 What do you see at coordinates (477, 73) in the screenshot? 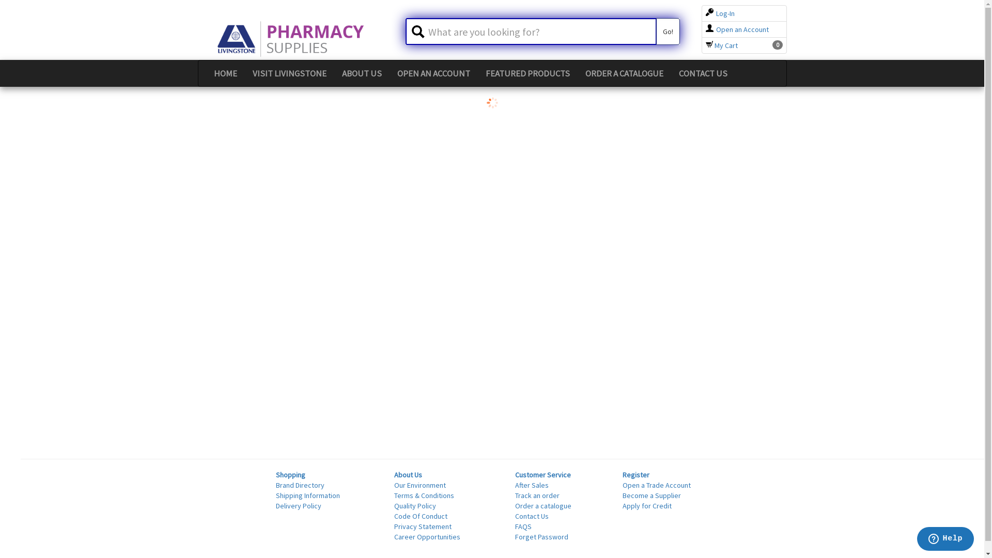
I see `'FEATURED PRODUCTS'` at bounding box center [477, 73].